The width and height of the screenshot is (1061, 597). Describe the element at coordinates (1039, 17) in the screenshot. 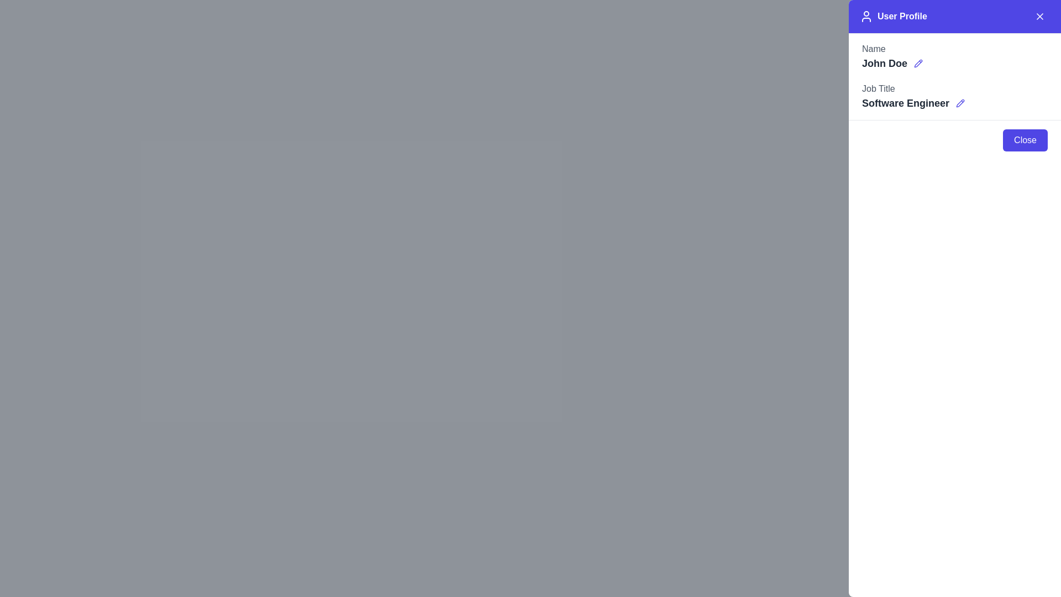

I see `the close button icon, which is part of the 'X' shape located at the top-right corner of the user profile panel, to trigger any hover effects present` at that location.